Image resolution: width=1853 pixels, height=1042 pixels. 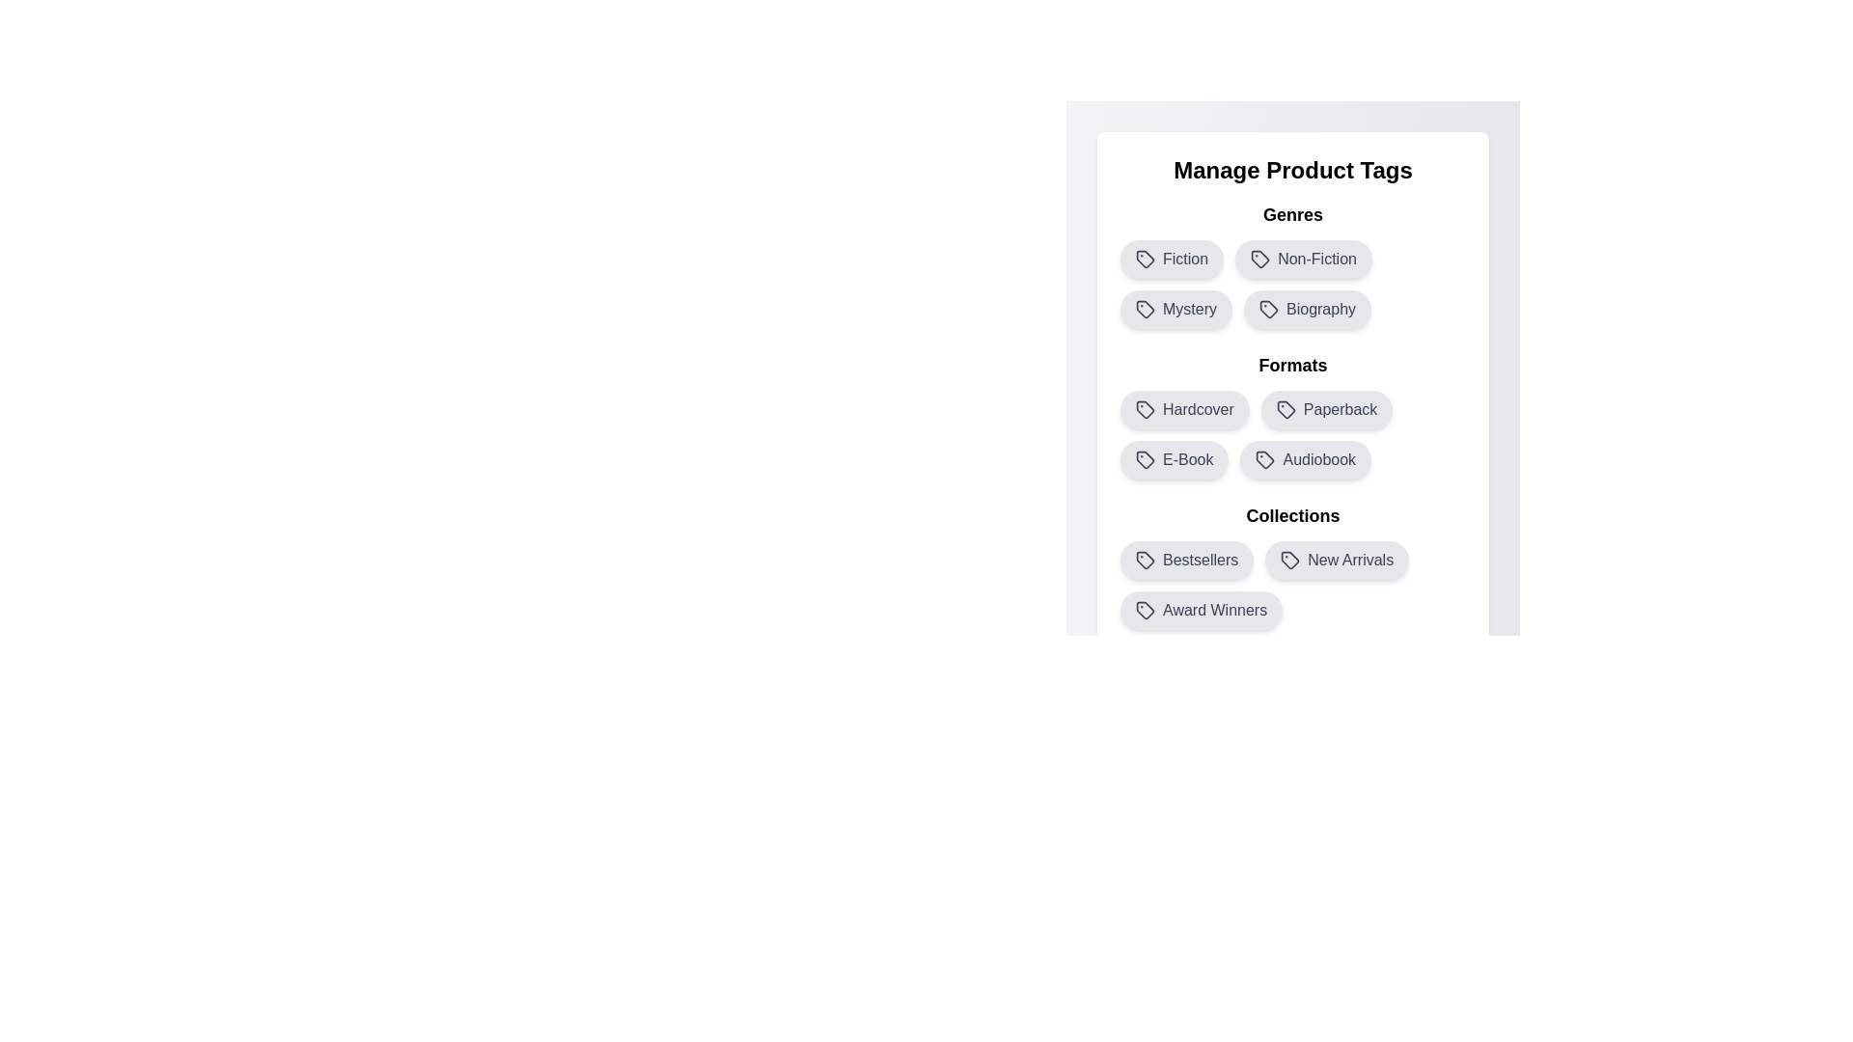 What do you see at coordinates (1145, 259) in the screenshot?
I see `the tag-shaped icon with a dark gray outline located inside the light gray button labeled 'Fiction' in the 'Manage Product Tags' panel` at bounding box center [1145, 259].